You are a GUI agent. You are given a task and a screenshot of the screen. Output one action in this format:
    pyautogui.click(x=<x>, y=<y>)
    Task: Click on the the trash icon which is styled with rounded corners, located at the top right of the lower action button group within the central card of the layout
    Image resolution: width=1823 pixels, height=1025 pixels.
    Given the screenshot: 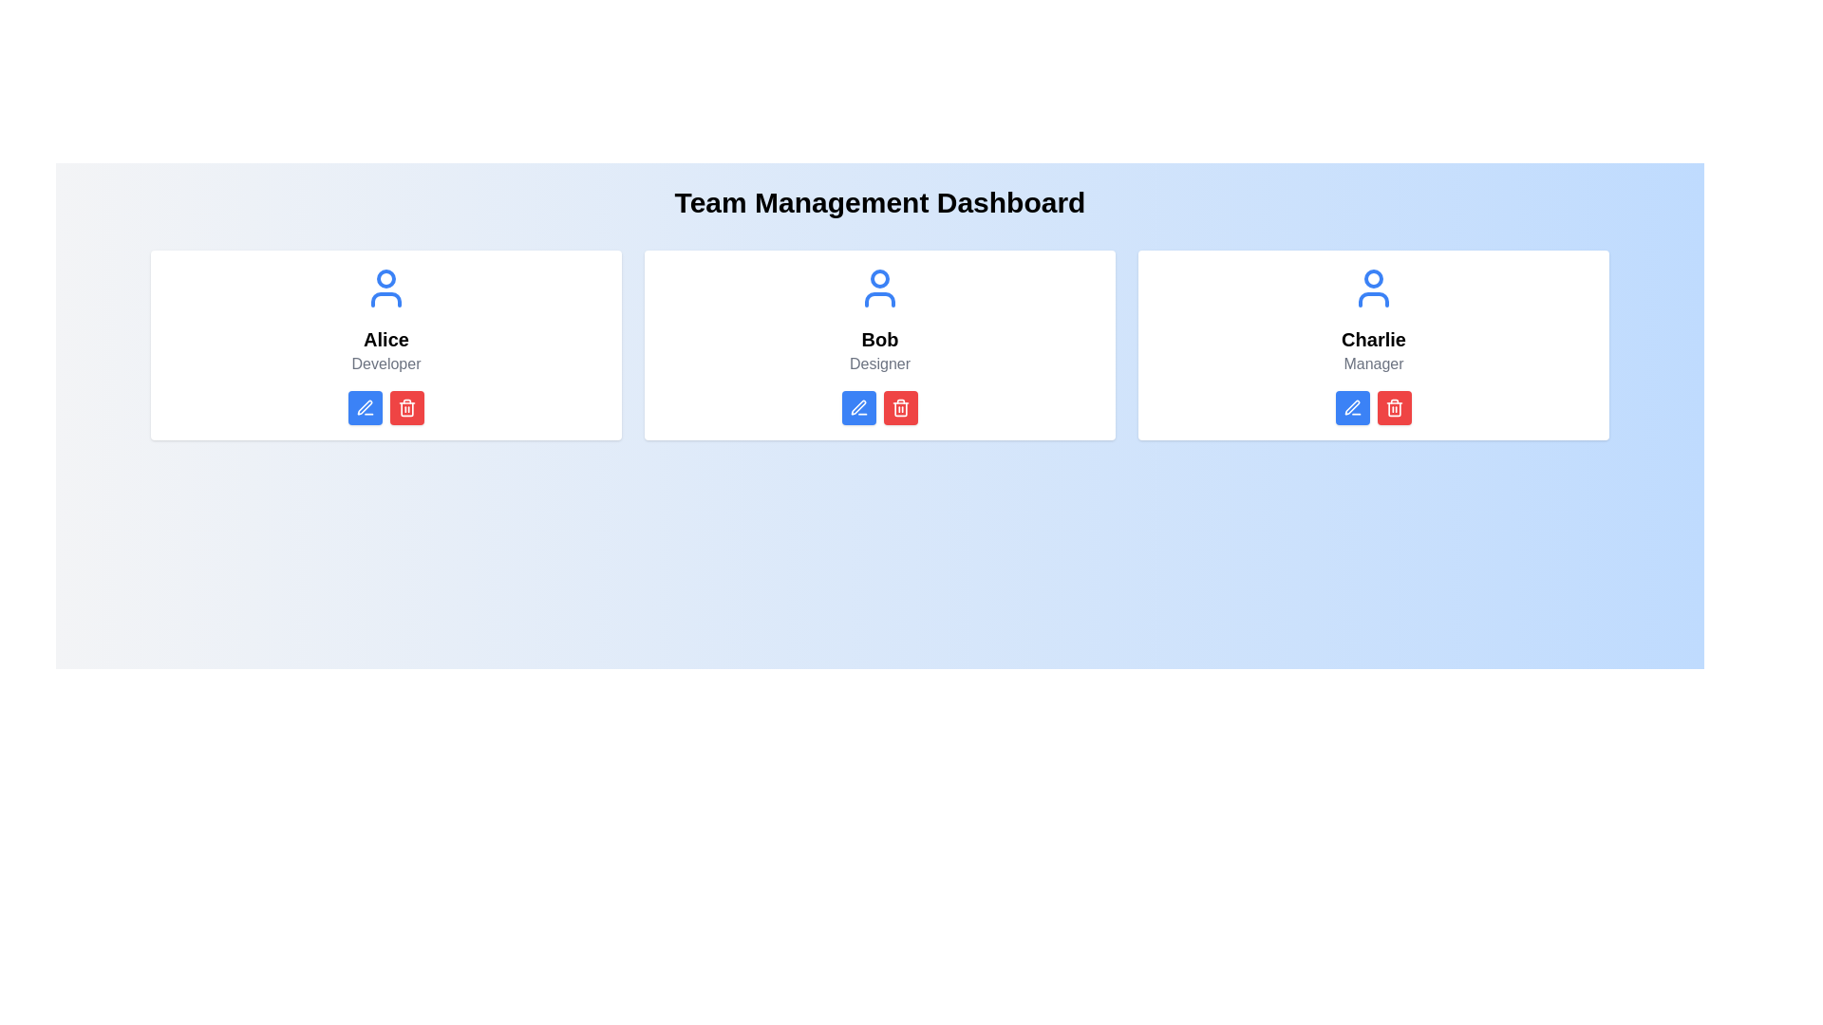 What is the action you would take?
    pyautogui.click(x=900, y=408)
    